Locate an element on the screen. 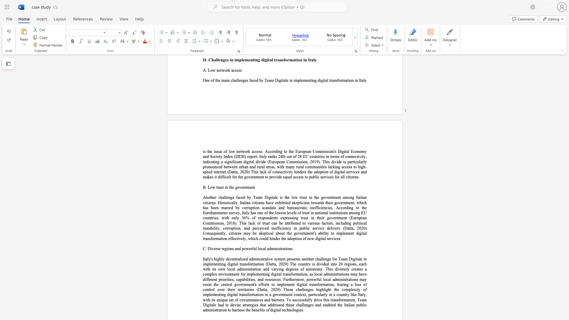 The width and height of the screenshot is (569, 320). the subset text "e regio" within the text "C. Diverse regions and powerful local administrations" is located at coordinates (218, 249).